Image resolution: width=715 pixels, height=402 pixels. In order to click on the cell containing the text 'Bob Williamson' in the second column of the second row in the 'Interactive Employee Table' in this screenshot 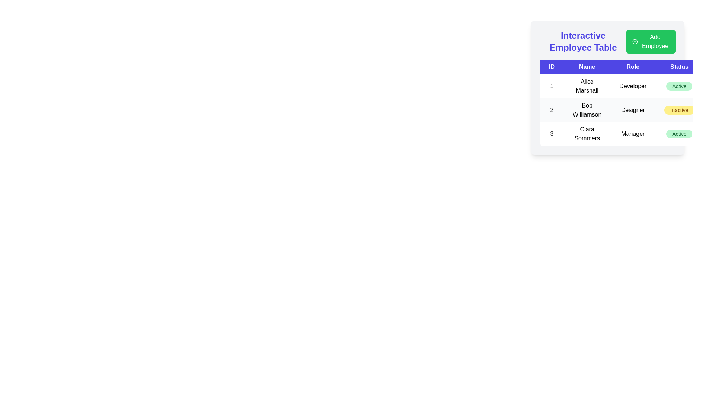, I will do `click(587, 110)`.